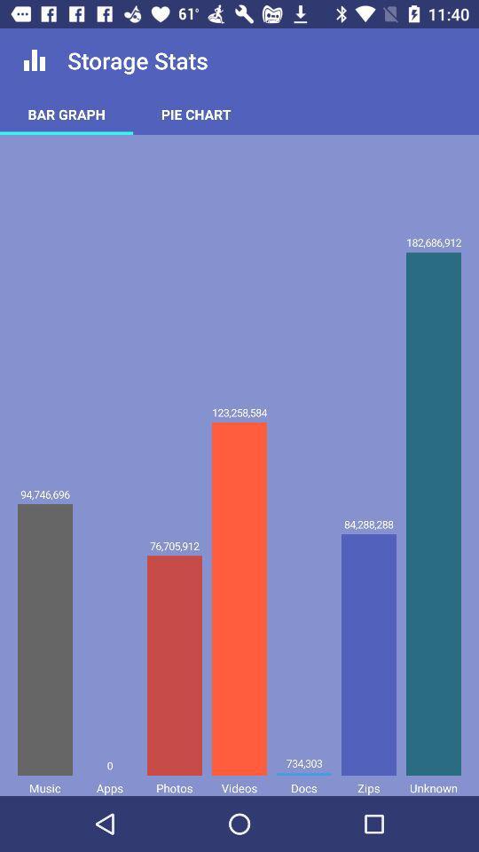 Image resolution: width=479 pixels, height=852 pixels. I want to click on icon below the    storage stats item, so click(195, 113).